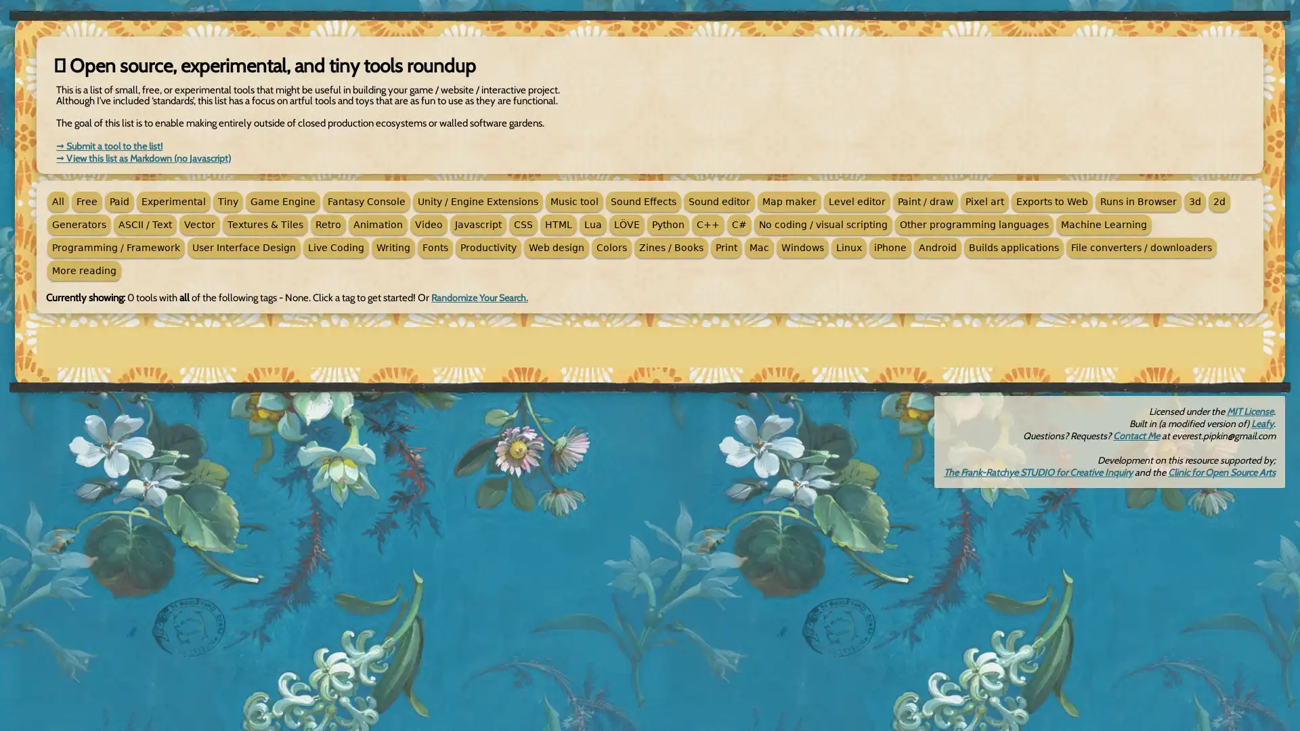 The image size is (1300, 731). I want to click on LOVE, so click(626, 223).